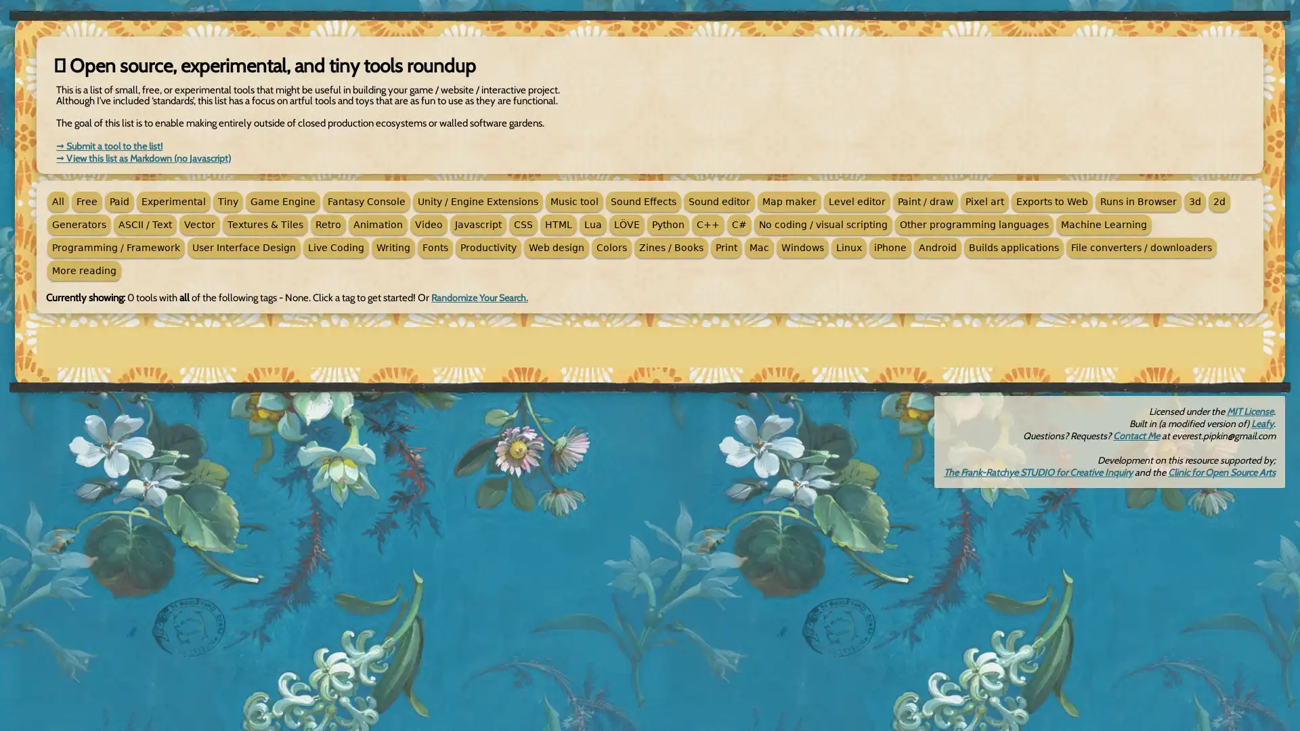 The image size is (1300, 731). I want to click on LOVE, so click(626, 223).